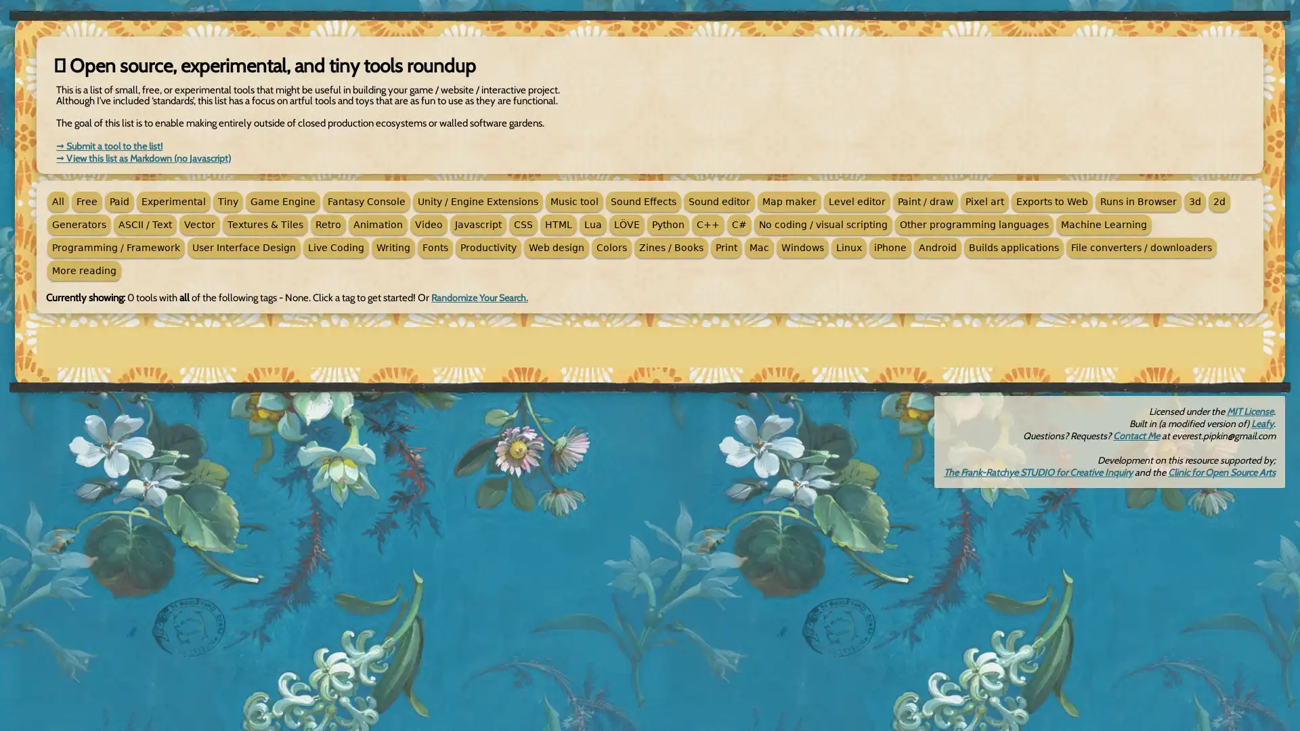 The image size is (1300, 731). I want to click on LOVE, so click(626, 223).